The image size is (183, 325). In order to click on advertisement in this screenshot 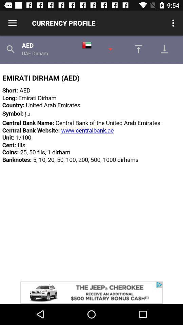, I will do `click(91, 292)`.